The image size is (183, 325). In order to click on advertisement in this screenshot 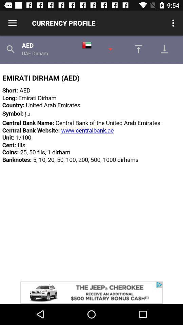, I will do `click(91, 292)`.